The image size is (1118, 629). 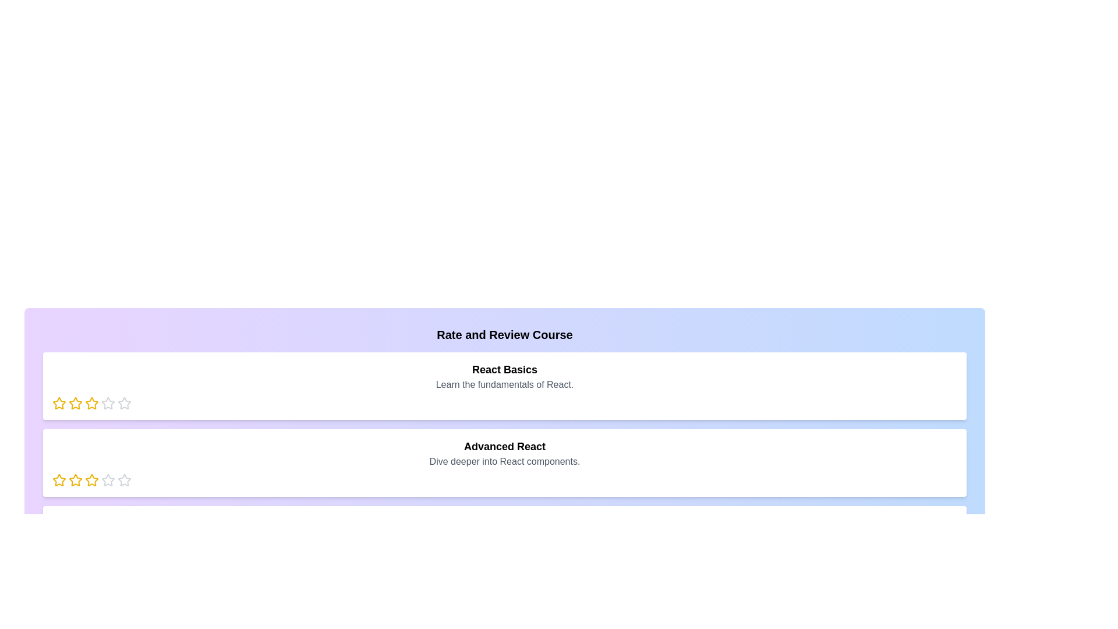 What do you see at coordinates (505, 334) in the screenshot?
I see `prominent title text labeled 'Rate and Review Course', which is styled in bold and extra-large font, located at the top of the gradient background panel` at bounding box center [505, 334].